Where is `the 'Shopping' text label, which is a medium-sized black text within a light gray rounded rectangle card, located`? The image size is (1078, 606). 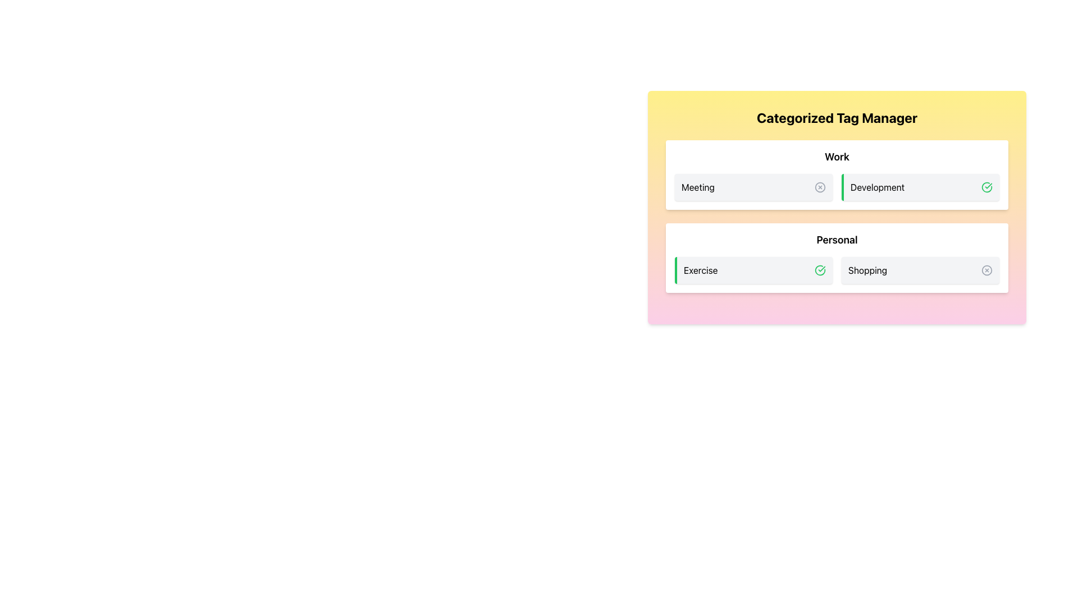 the 'Shopping' text label, which is a medium-sized black text within a light gray rounded rectangle card, located is located at coordinates (867, 270).